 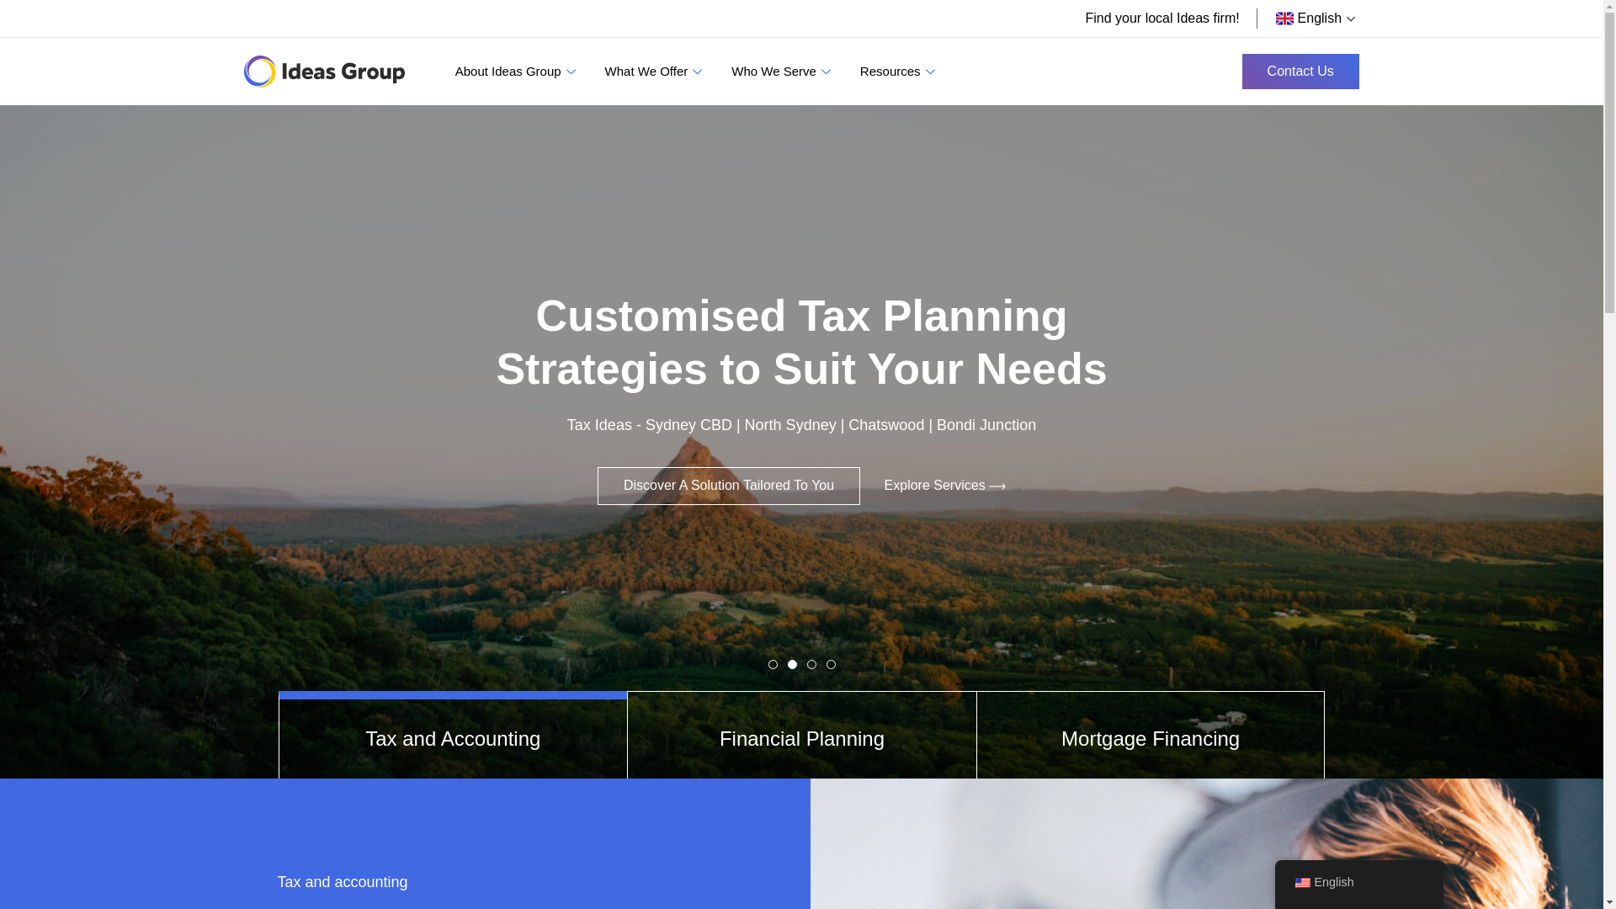 What do you see at coordinates (899, 70) in the screenshot?
I see `'Resources'` at bounding box center [899, 70].